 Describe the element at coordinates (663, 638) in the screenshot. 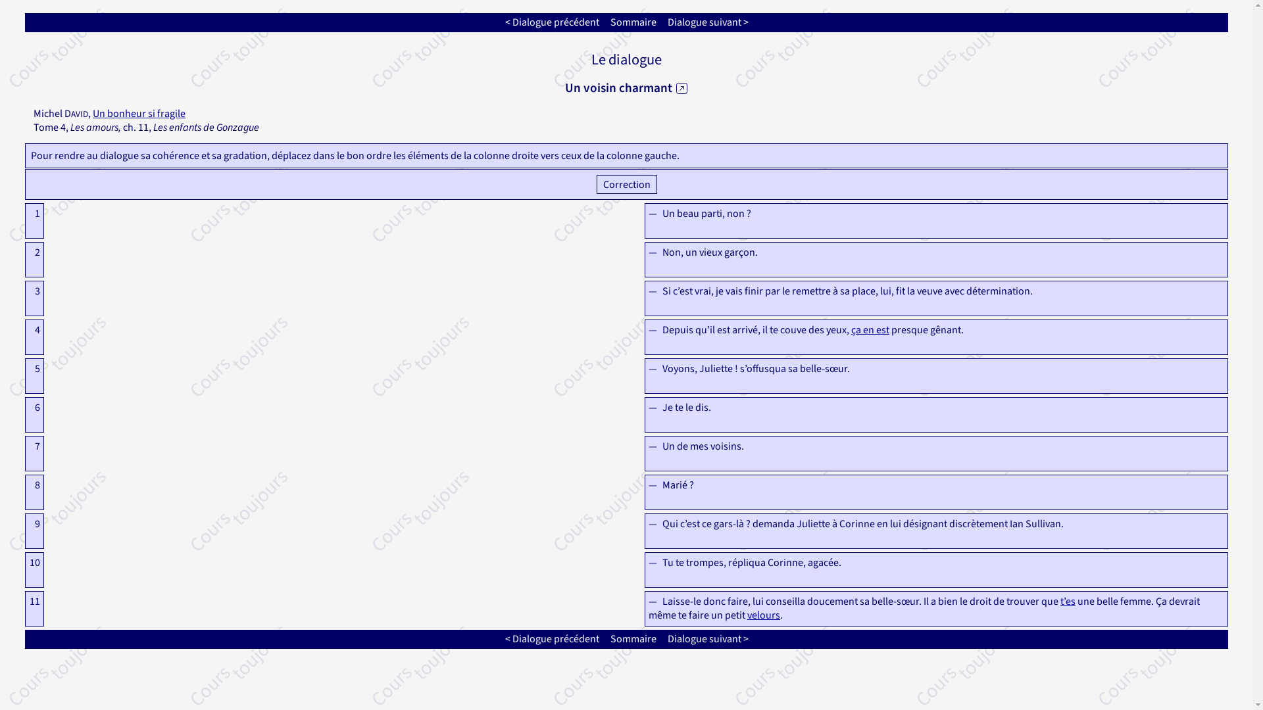

I see `'Dialogue suivant >'` at that location.